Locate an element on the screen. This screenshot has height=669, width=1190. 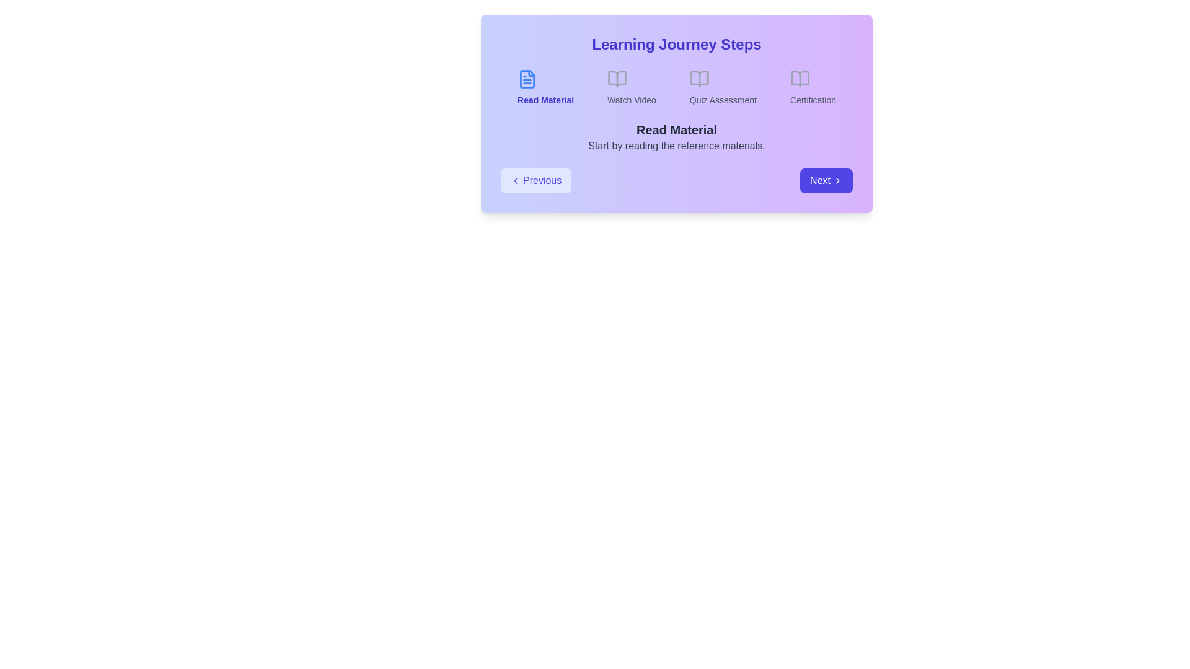
the 'Watch Video' SVG icon, which is the second icon in a horizontal sequence of four, located centrally in the upper section of the interface is located at coordinates (617, 79).